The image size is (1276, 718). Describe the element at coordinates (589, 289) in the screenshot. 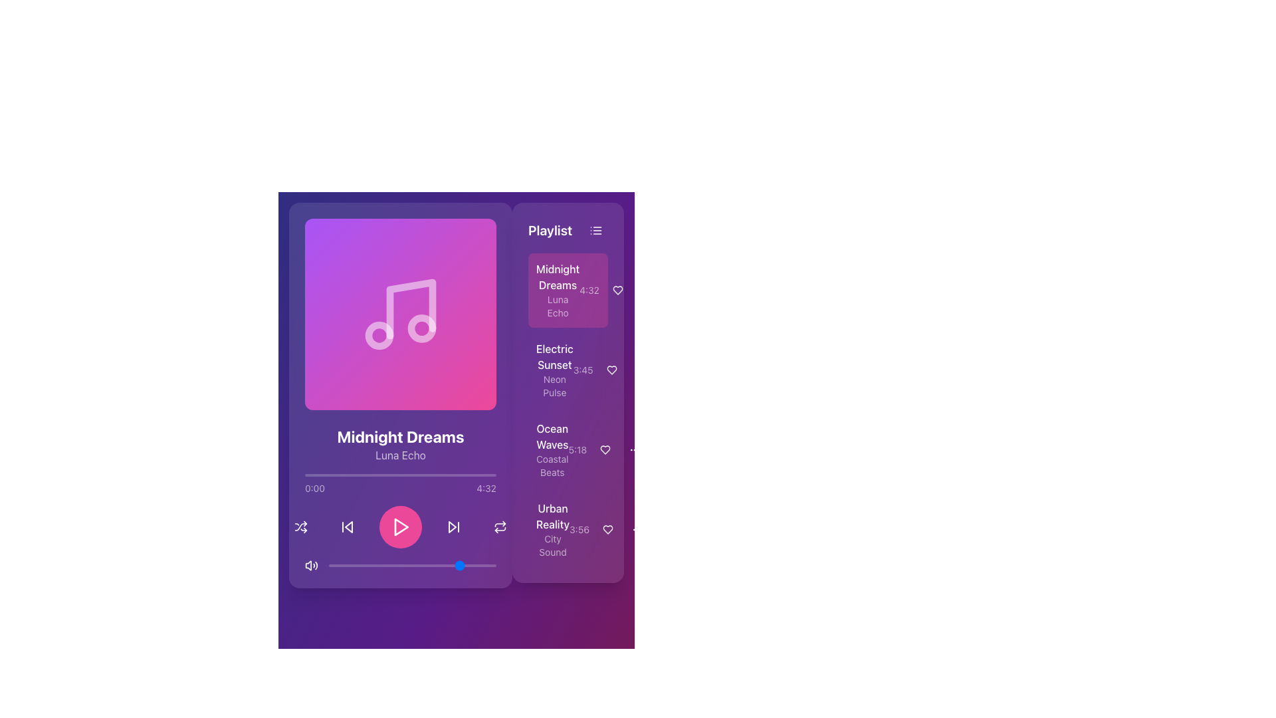

I see `the static text label displaying the time duration '4:32' located in the playlist section under the song title 'Midnight Dreams'` at that location.